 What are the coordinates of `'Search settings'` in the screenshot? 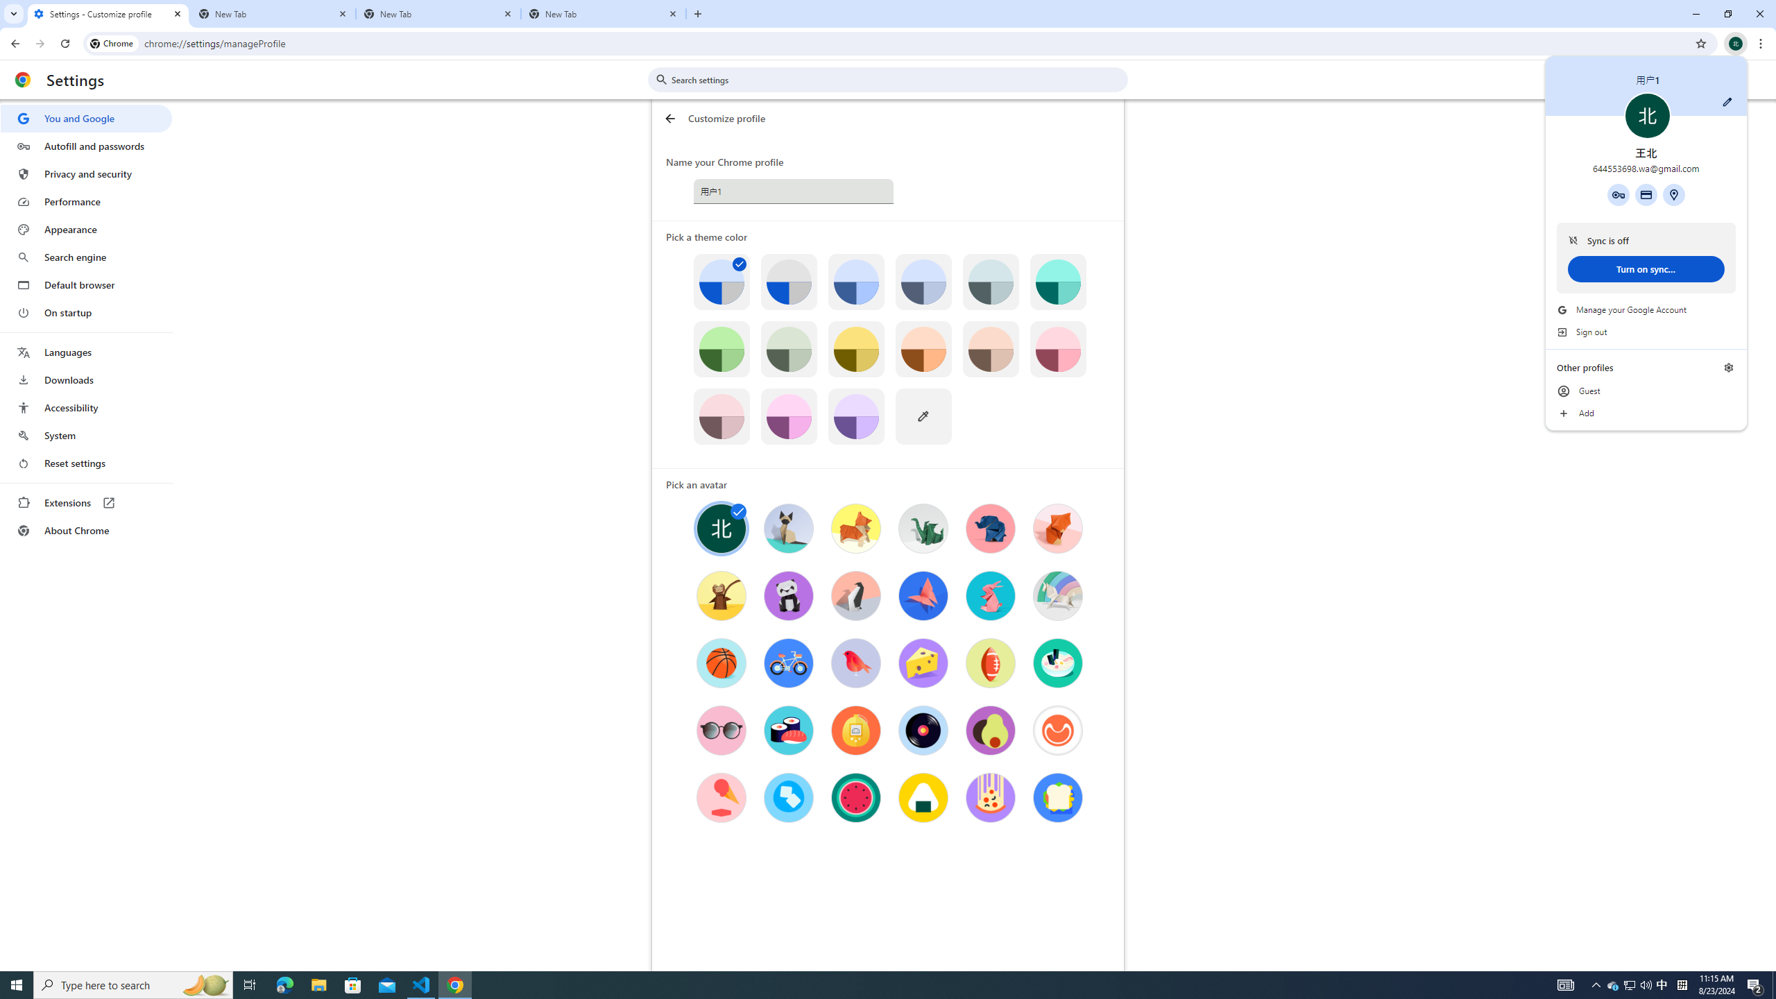 It's located at (897, 79).